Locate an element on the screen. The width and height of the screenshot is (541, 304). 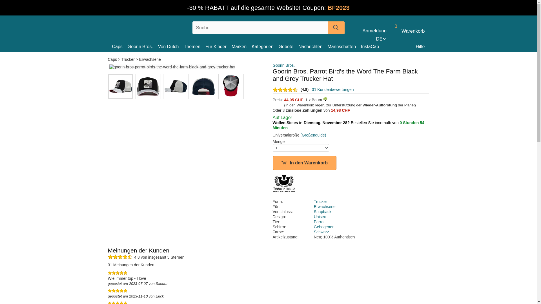
'Goorin Bros.' is located at coordinates (284, 65).